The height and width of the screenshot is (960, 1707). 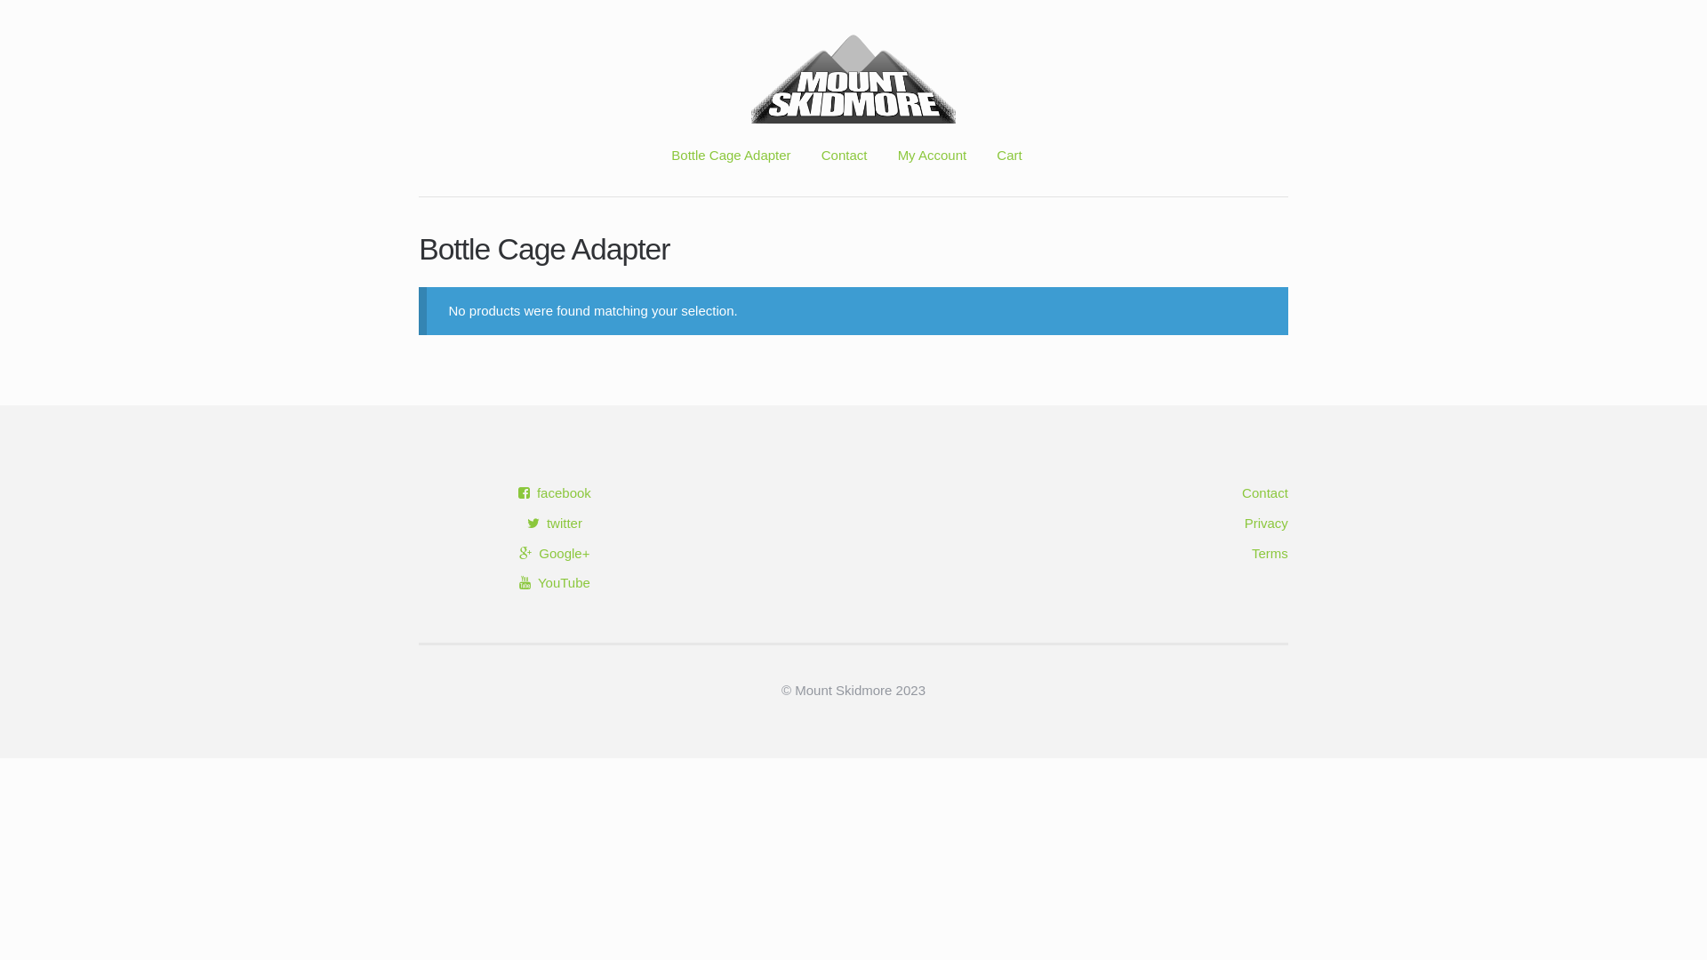 I want to click on 'Skip to navigation', so click(x=417, y=34).